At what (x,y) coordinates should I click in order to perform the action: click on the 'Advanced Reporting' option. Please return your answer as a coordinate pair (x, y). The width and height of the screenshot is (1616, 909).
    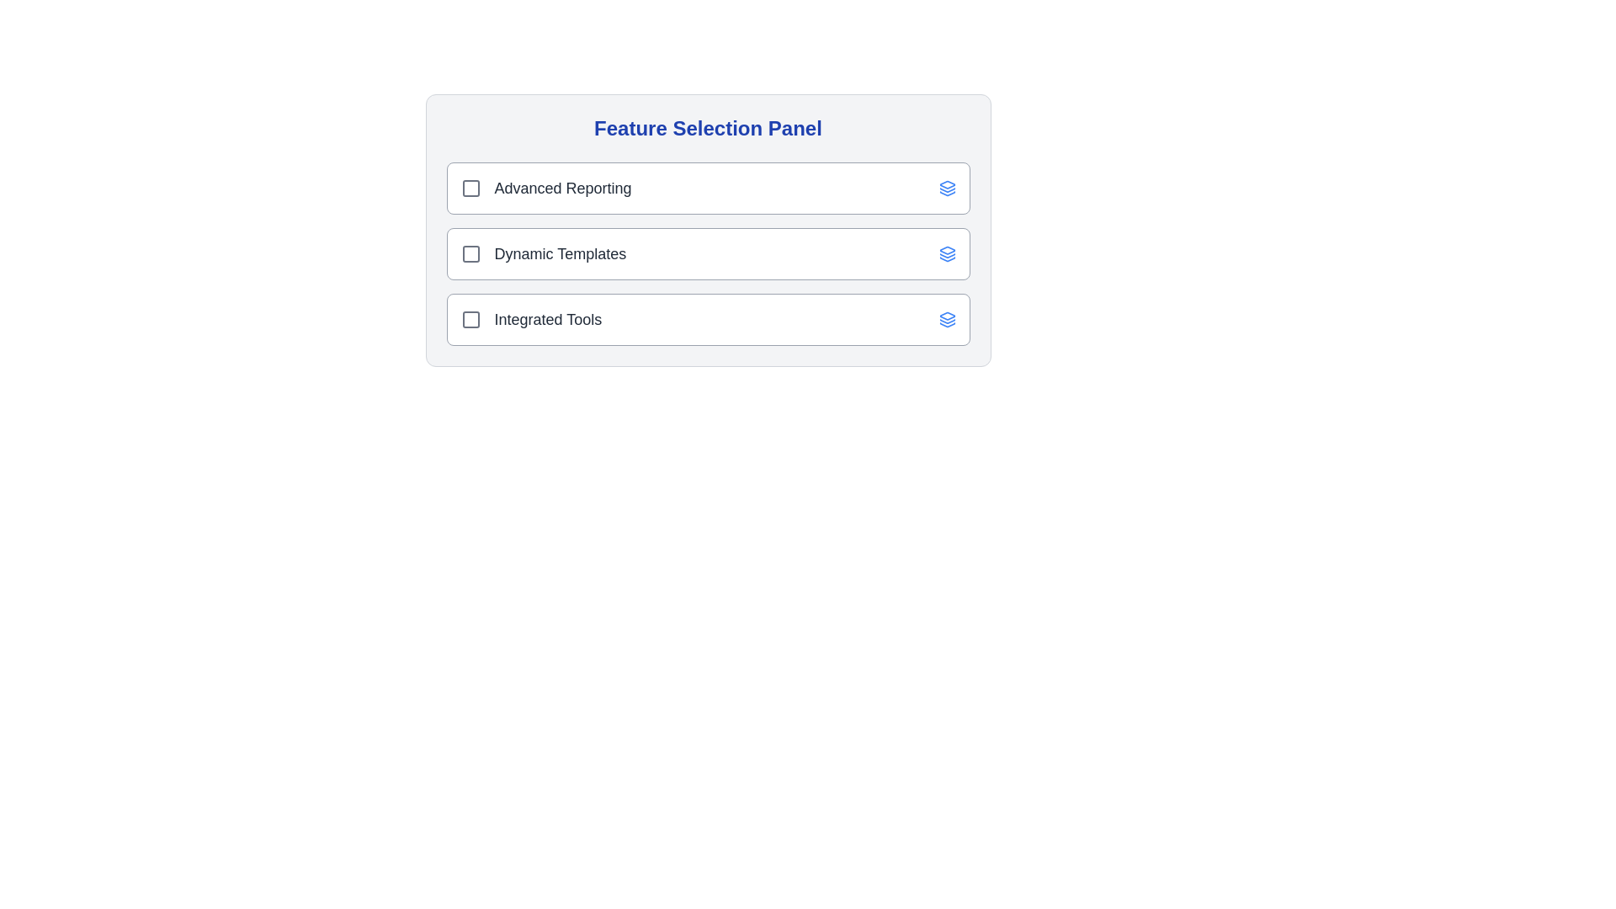
    Looking at the image, I should click on (708, 188).